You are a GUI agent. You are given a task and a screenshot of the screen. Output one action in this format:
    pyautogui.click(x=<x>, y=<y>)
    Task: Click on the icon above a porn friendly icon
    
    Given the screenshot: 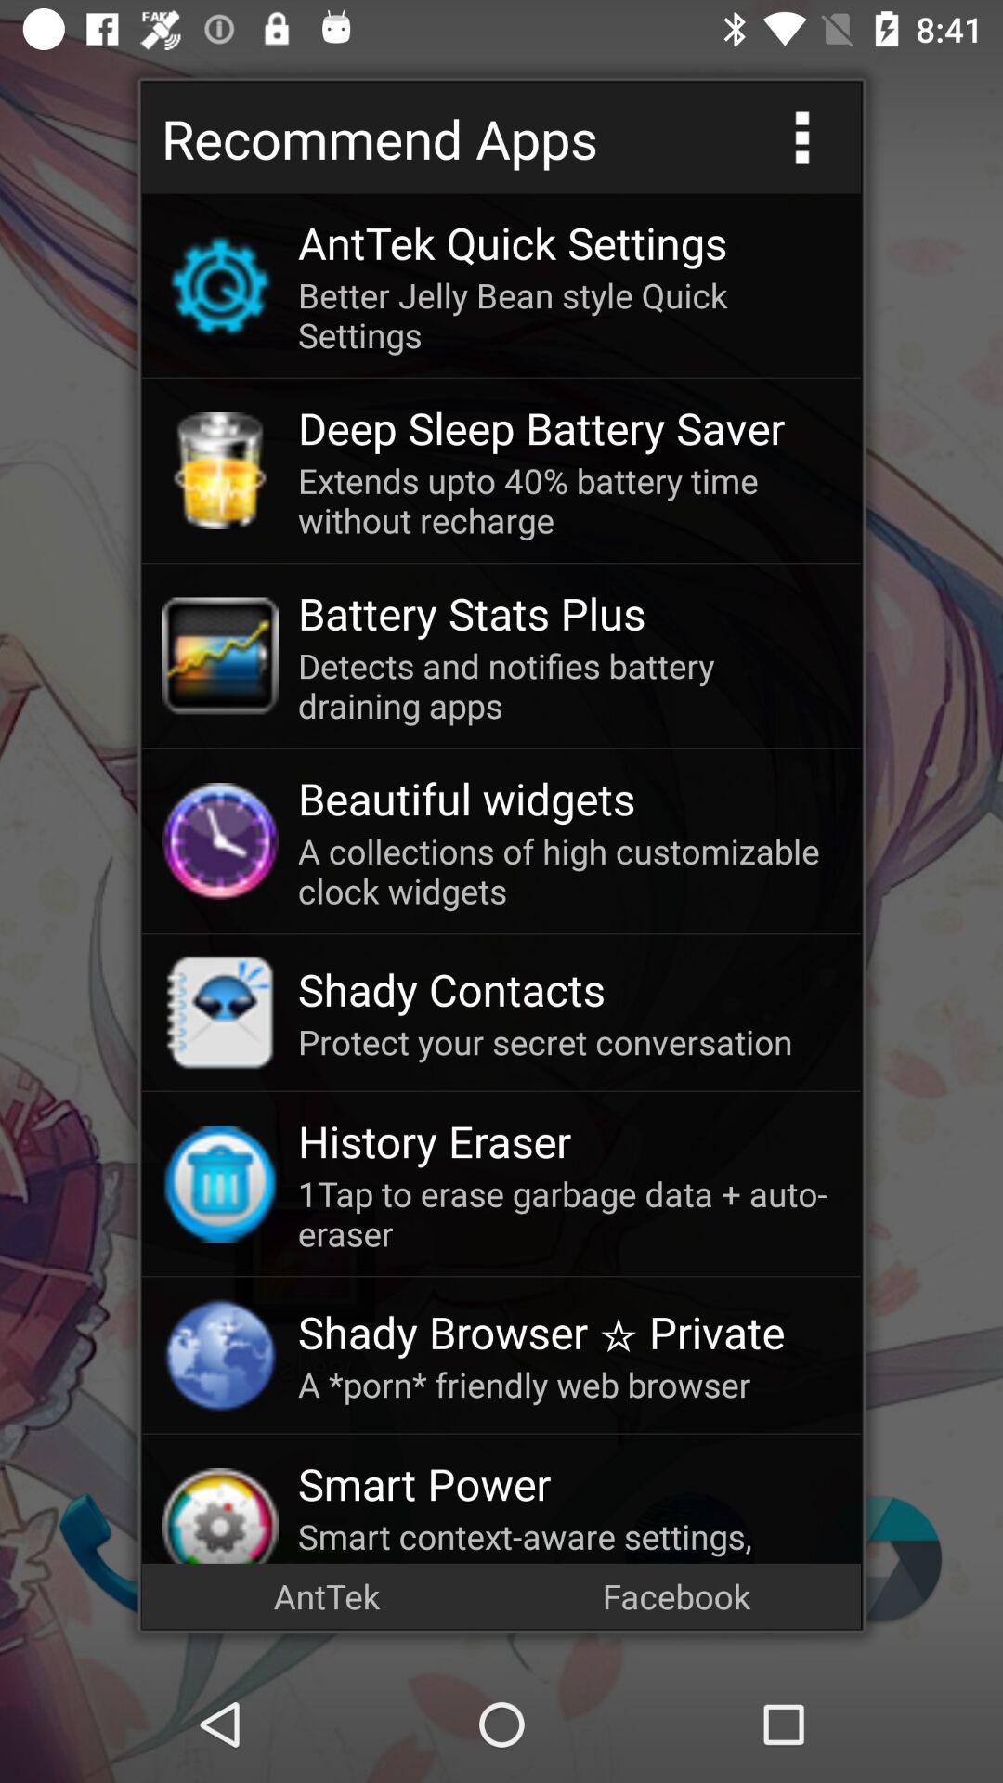 What is the action you would take?
    pyautogui.click(x=568, y=1331)
    